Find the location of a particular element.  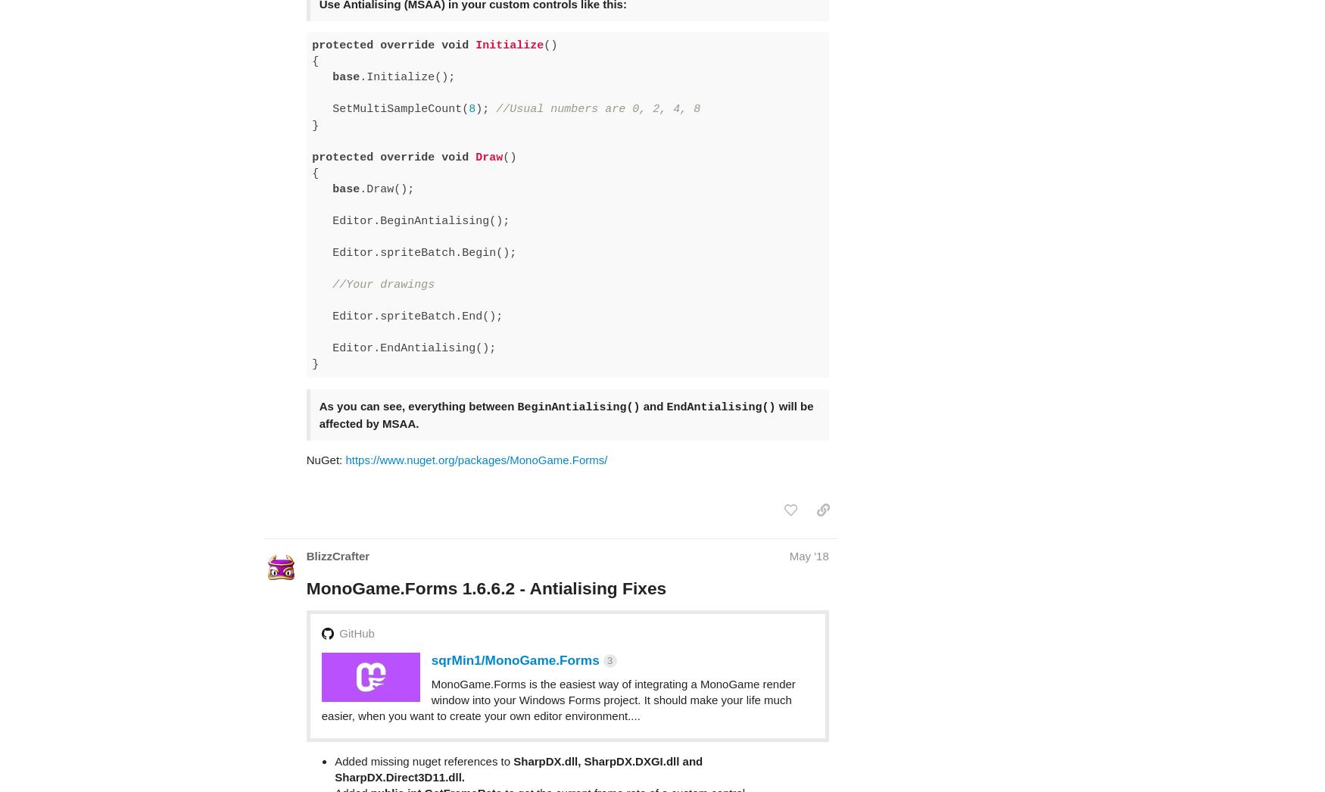

'Changed' is located at coordinates (359, 749).